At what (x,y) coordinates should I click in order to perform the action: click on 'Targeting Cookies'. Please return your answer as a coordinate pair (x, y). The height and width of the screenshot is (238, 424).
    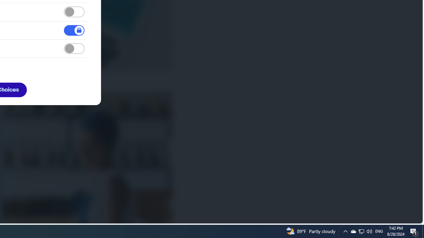
    Looking at the image, I should click on (74, 48).